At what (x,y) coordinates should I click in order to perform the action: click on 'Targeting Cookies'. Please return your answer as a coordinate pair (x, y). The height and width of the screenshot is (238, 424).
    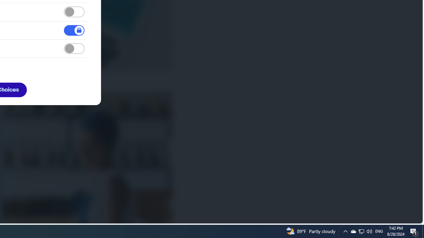
    Looking at the image, I should click on (74, 48).